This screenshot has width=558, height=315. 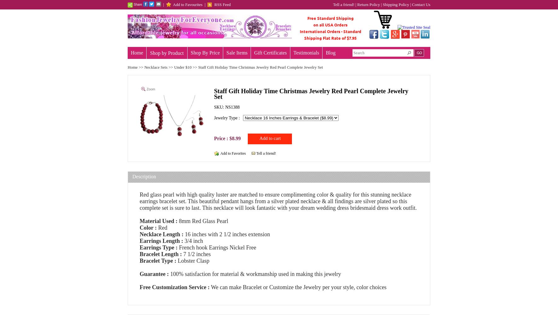 What do you see at coordinates (311, 94) in the screenshot?
I see `'Staff Gift Holiday Time Christmas Jewelry Red Pearl Complete Jewelry Set'` at bounding box center [311, 94].